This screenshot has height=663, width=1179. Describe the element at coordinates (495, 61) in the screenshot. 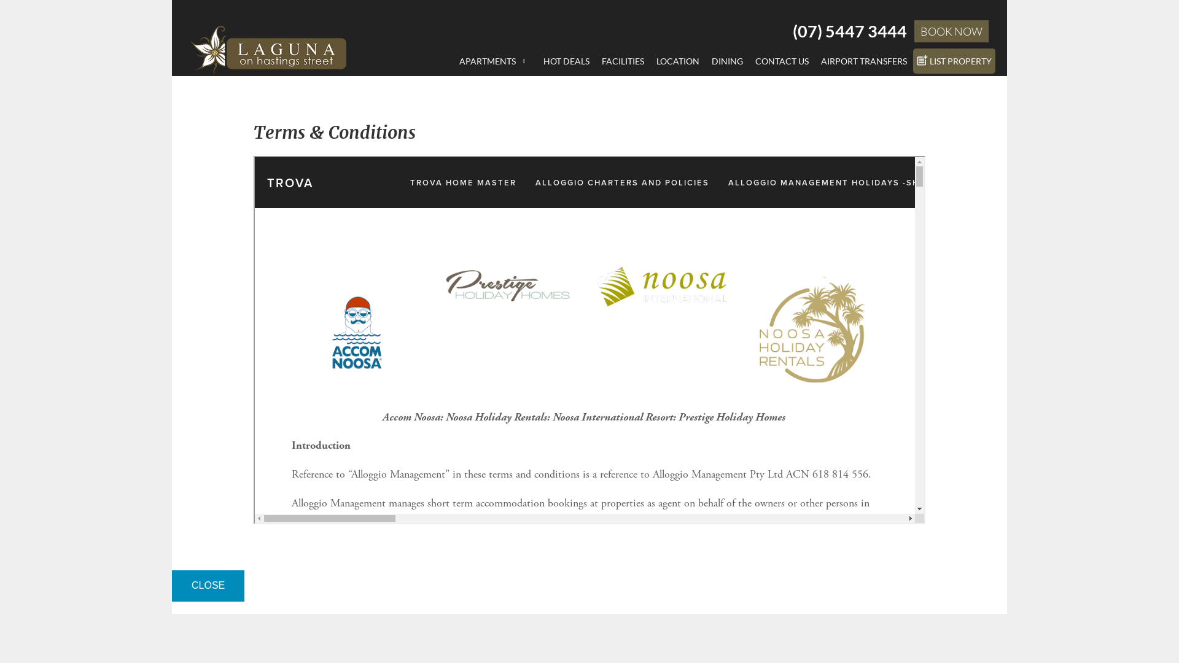

I see `'APARTMENTS'` at that location.